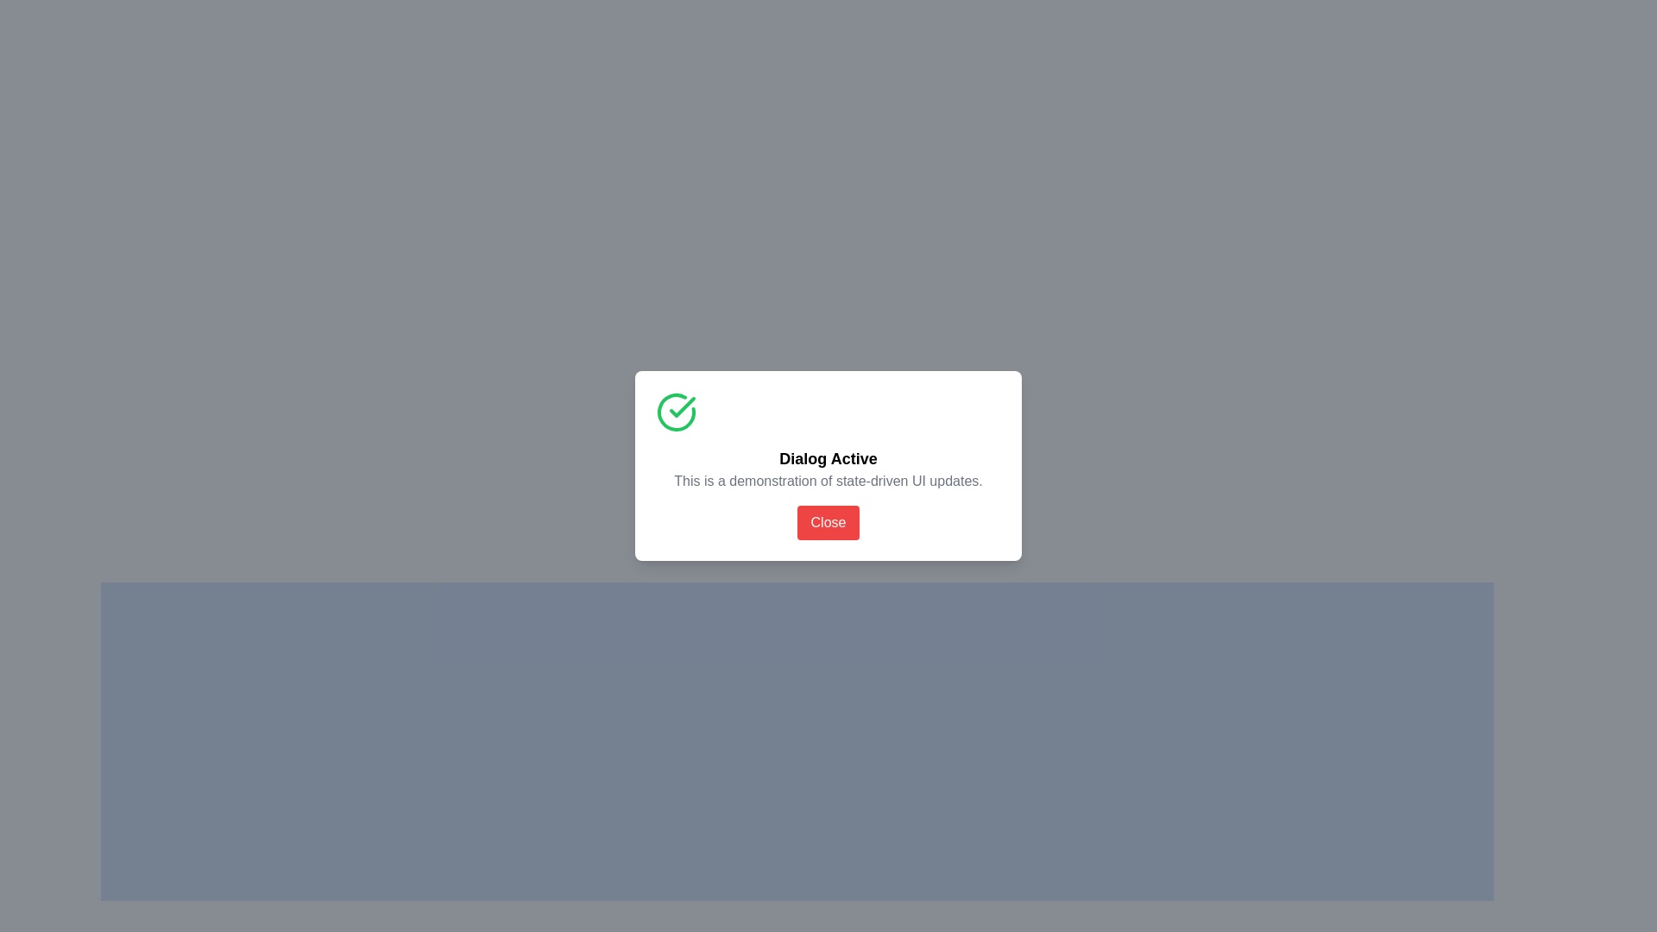 This screenshot has height=932, width=1657. What do you see at coordinates (828, 458) in the screenshot?
I see `the heading text element that serves as the title for the dialog, which is positioned centrally below a large green circular check icon and above a descriptive text block and a red 'Close' button` at bounding box center [828, 458].